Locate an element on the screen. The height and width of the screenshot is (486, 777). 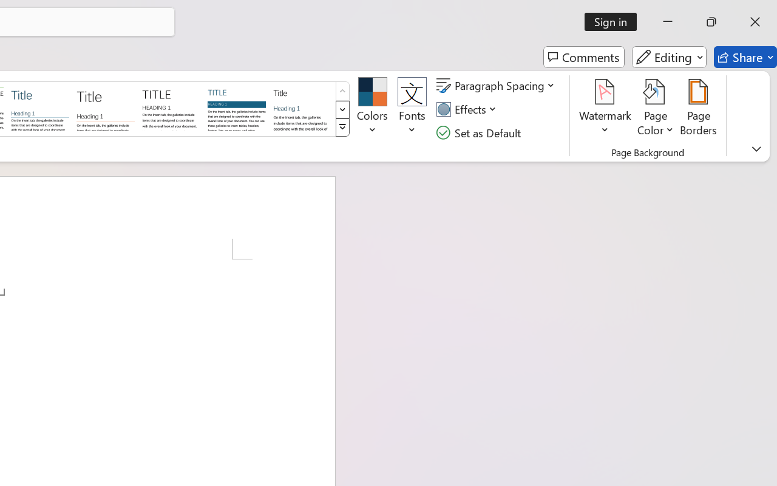
'Page Borders...' is located at coordinates (699, 109).